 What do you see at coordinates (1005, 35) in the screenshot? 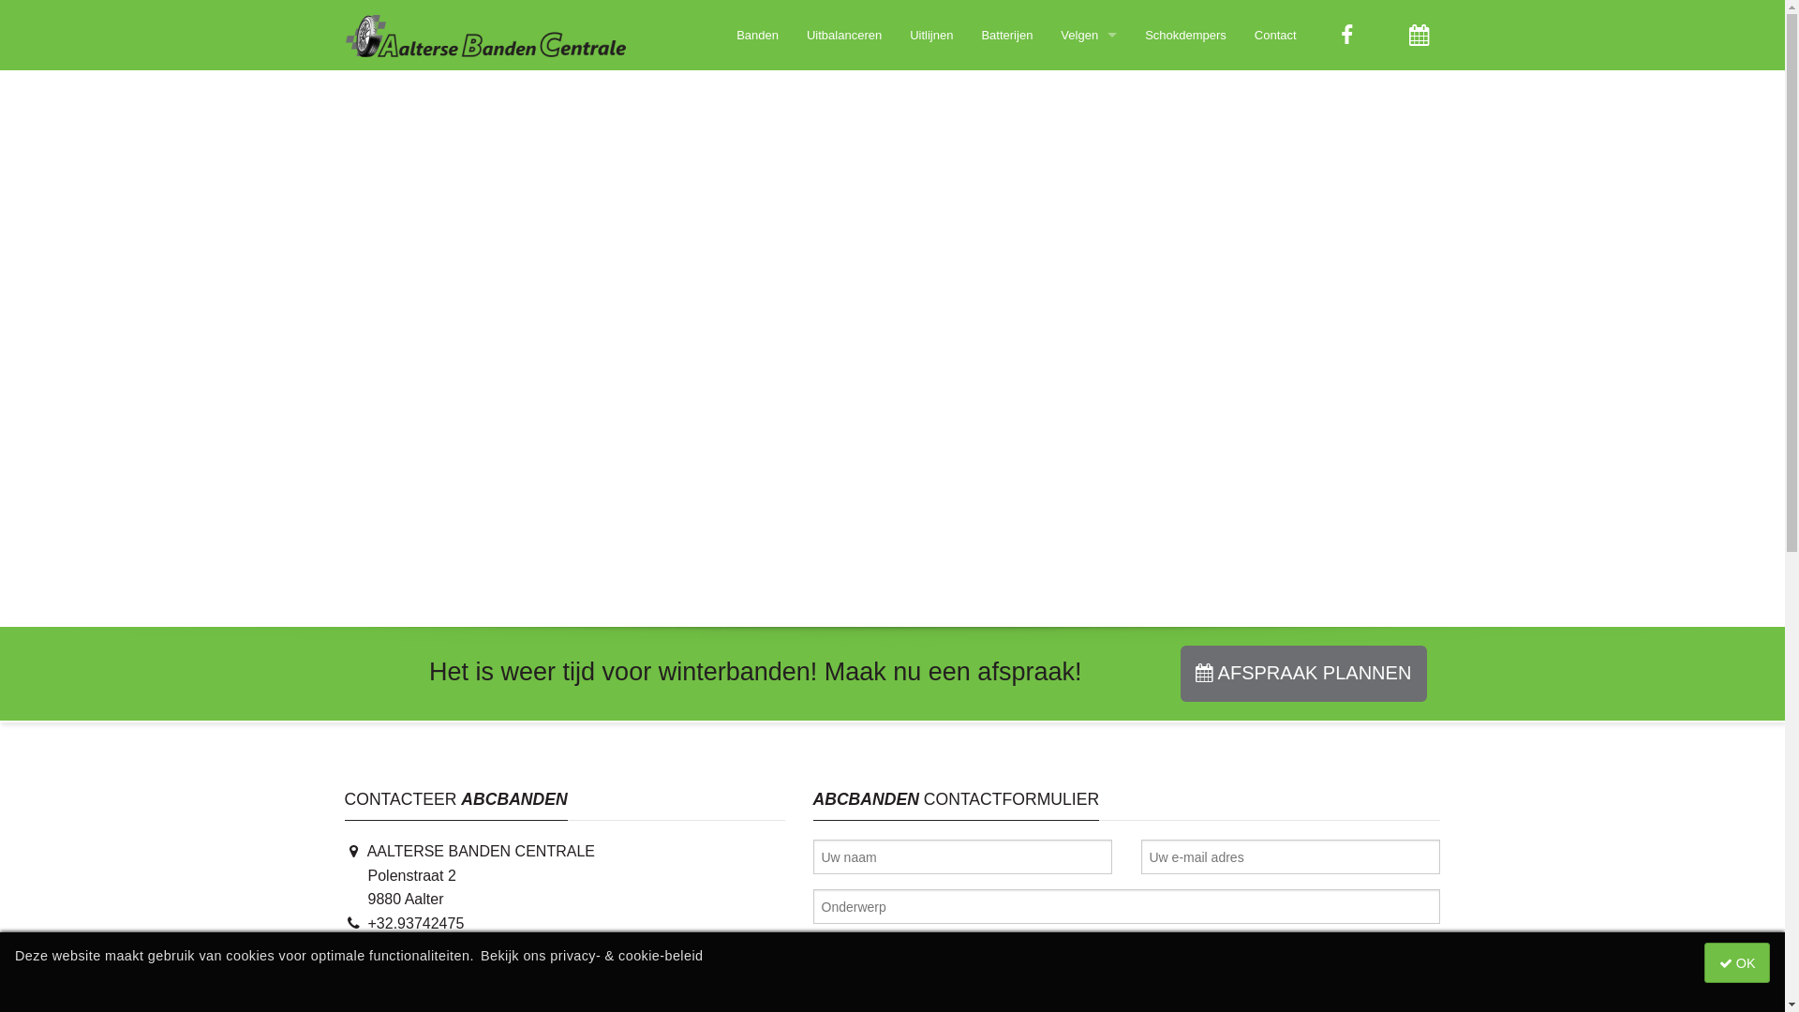
I see `'Batterijen'` at bounding box center [1005, 35].